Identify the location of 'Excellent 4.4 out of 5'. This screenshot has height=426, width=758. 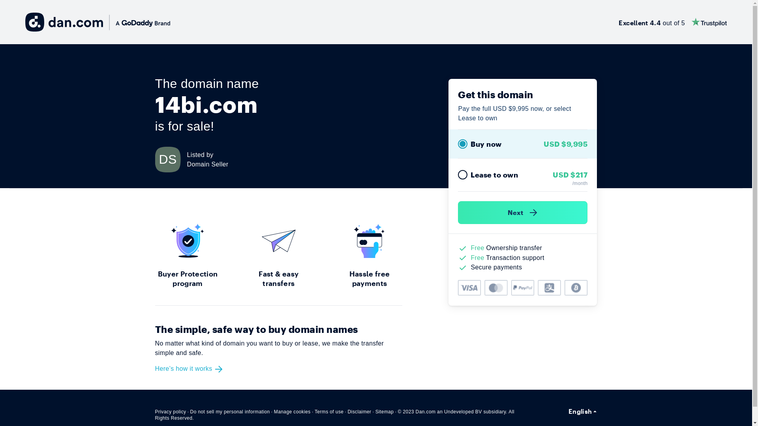
(672, 22).